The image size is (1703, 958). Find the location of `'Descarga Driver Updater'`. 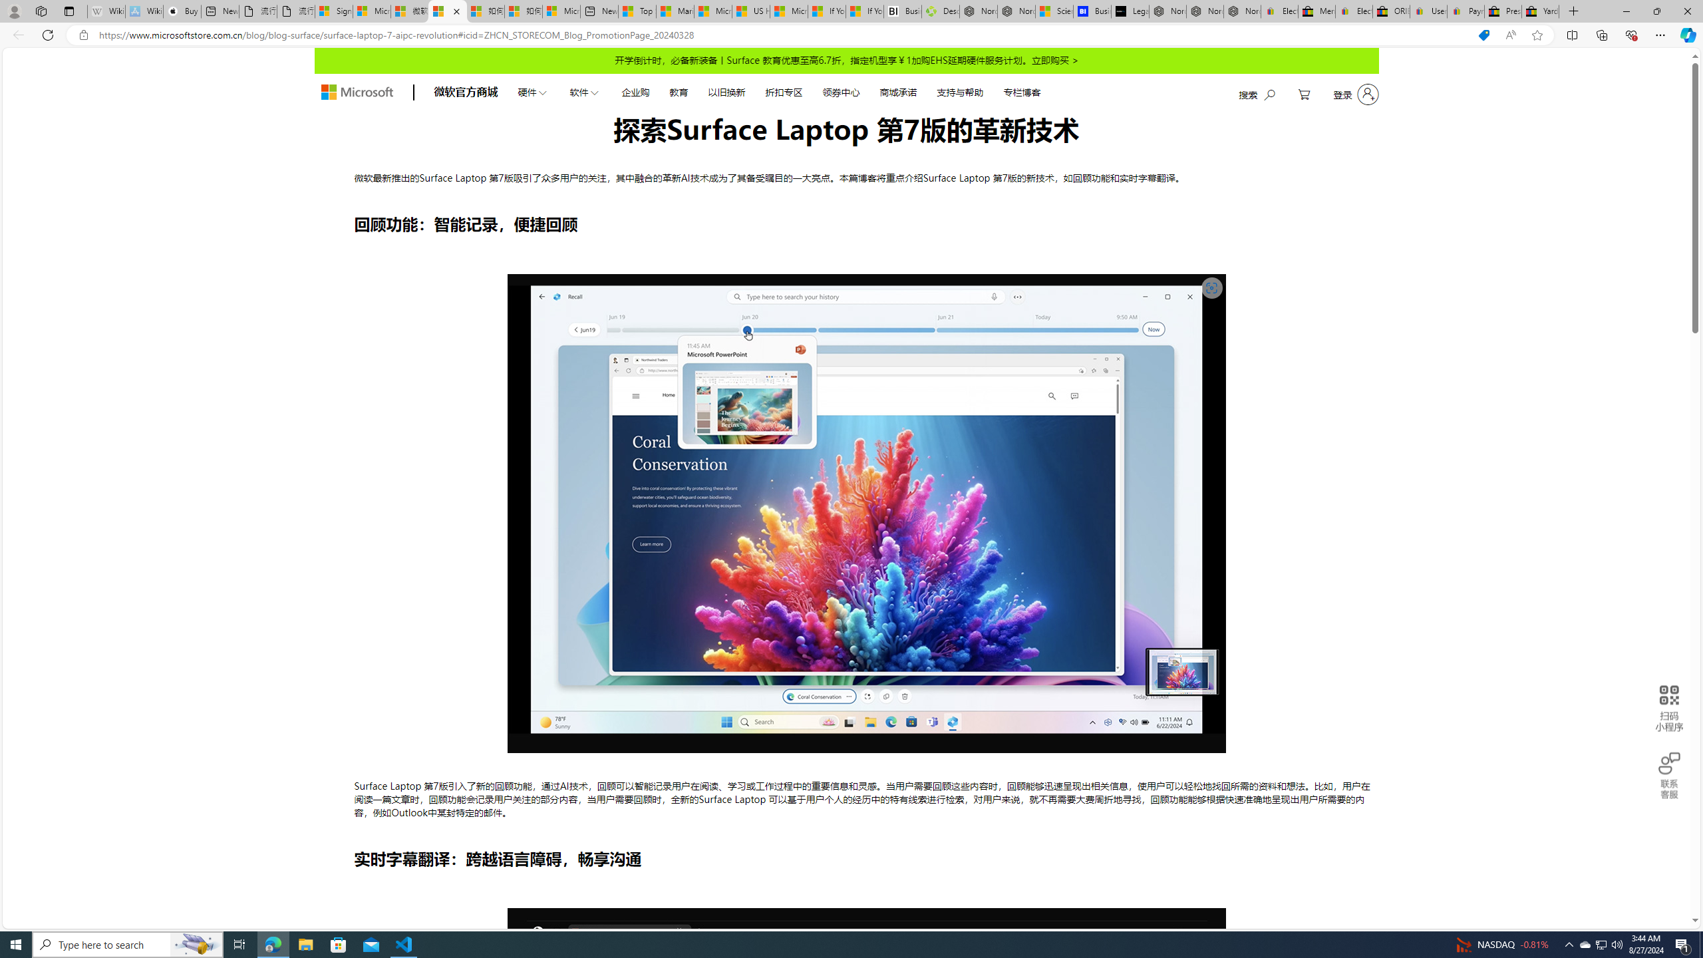

'Descarga Driver Updater' is located at coordinates (941, 11).